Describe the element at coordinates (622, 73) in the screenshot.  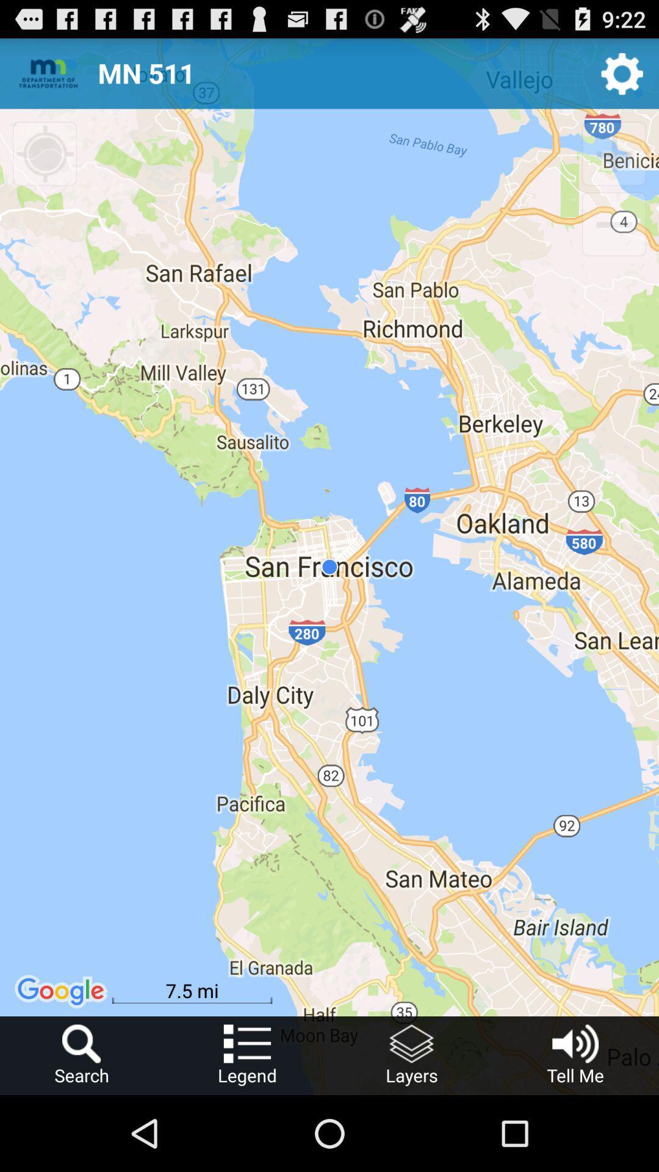
I see `the item next to mn 511` at that location.